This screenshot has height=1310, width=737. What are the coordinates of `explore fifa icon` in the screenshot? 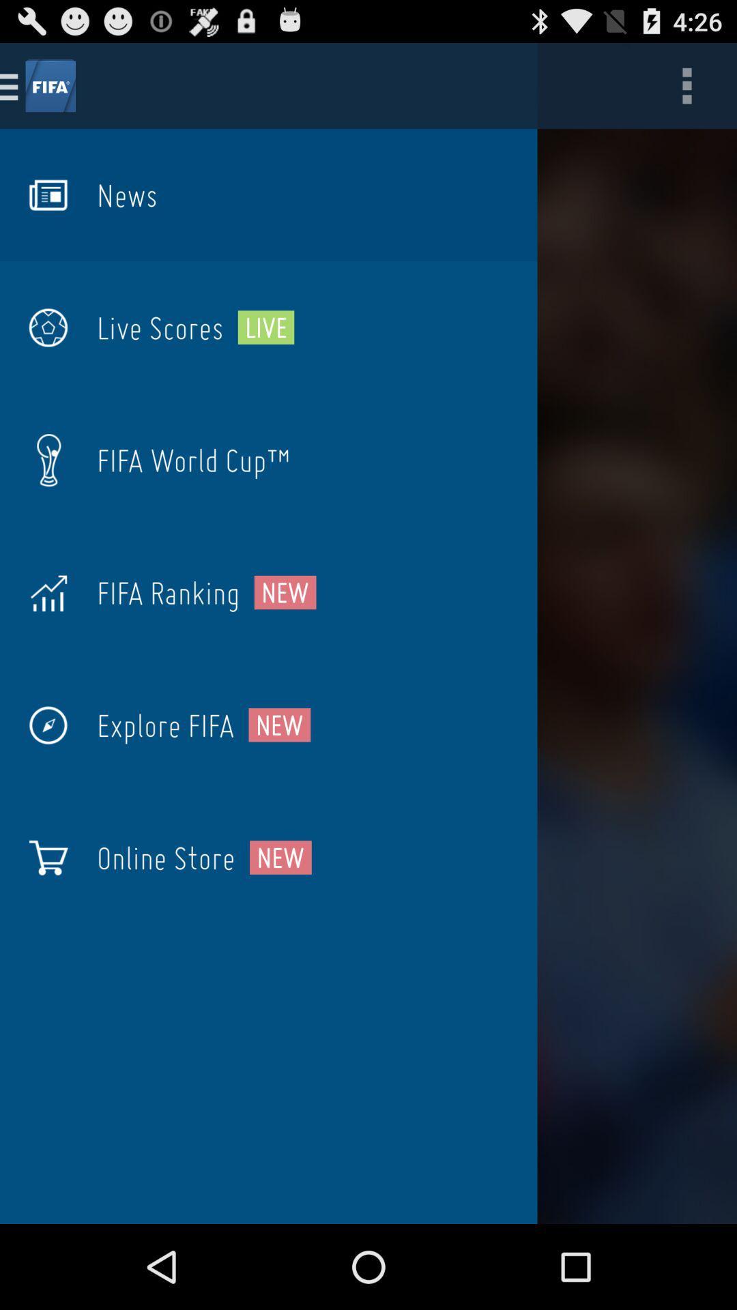 It's located at (164, 725).